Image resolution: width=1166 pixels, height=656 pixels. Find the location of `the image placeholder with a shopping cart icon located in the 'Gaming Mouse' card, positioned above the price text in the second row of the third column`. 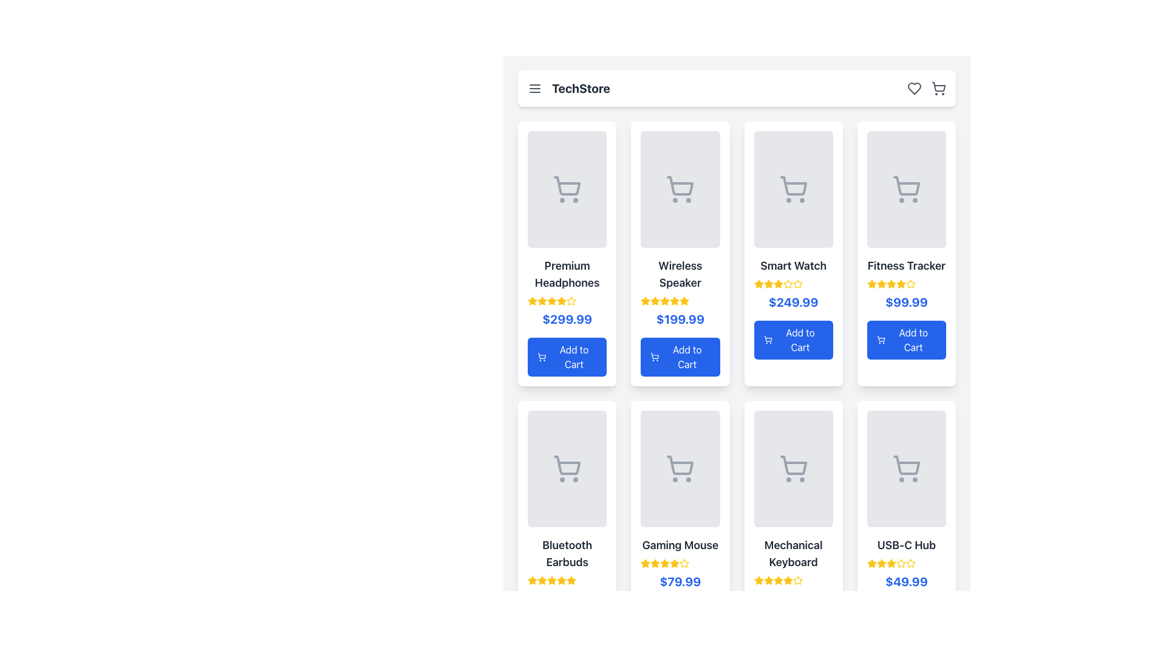

the image placeholder with a shopping cart icon located in the 'Gaming Mouse' card, positioned above the price text in the second row of the third column is located at coordinates (680, 468).